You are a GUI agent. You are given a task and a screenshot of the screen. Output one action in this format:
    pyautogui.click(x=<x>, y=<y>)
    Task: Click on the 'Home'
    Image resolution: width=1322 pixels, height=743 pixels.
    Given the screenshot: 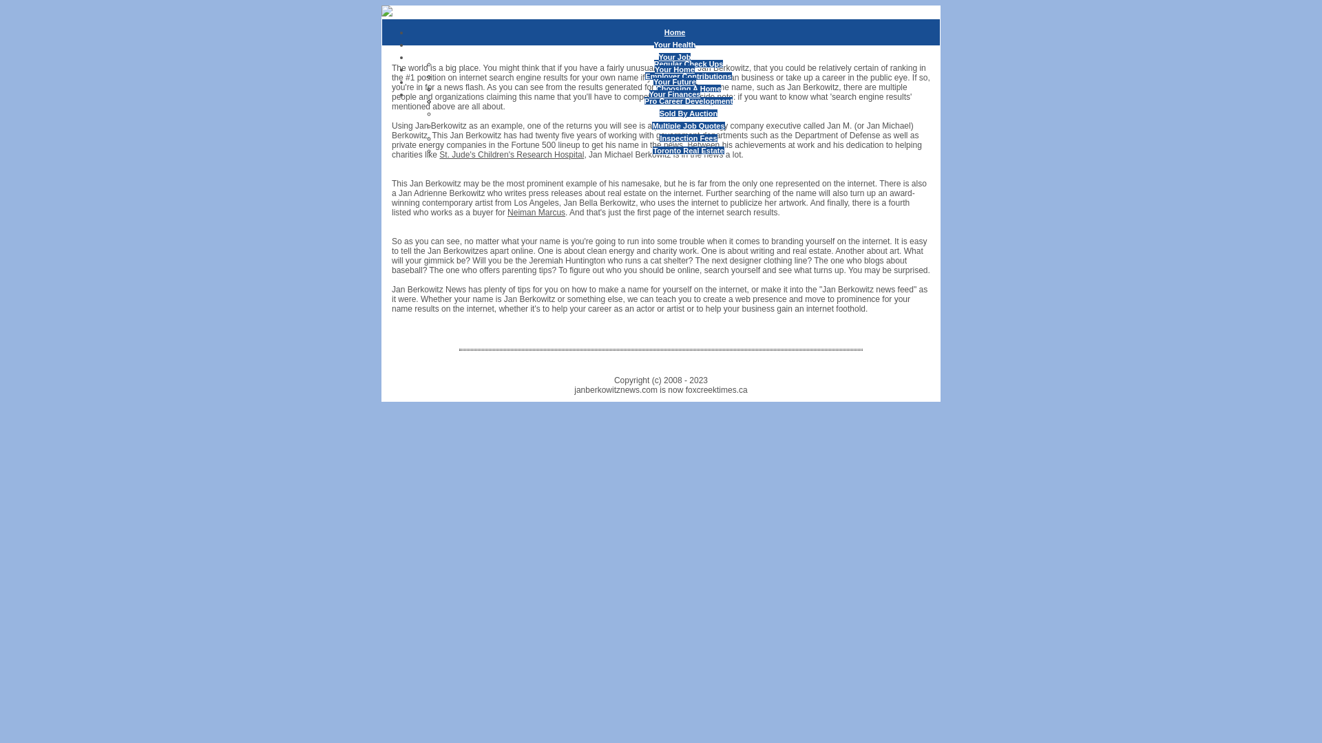 What is the action you would take?
    pyautogui.click(x=675, y=31)
    